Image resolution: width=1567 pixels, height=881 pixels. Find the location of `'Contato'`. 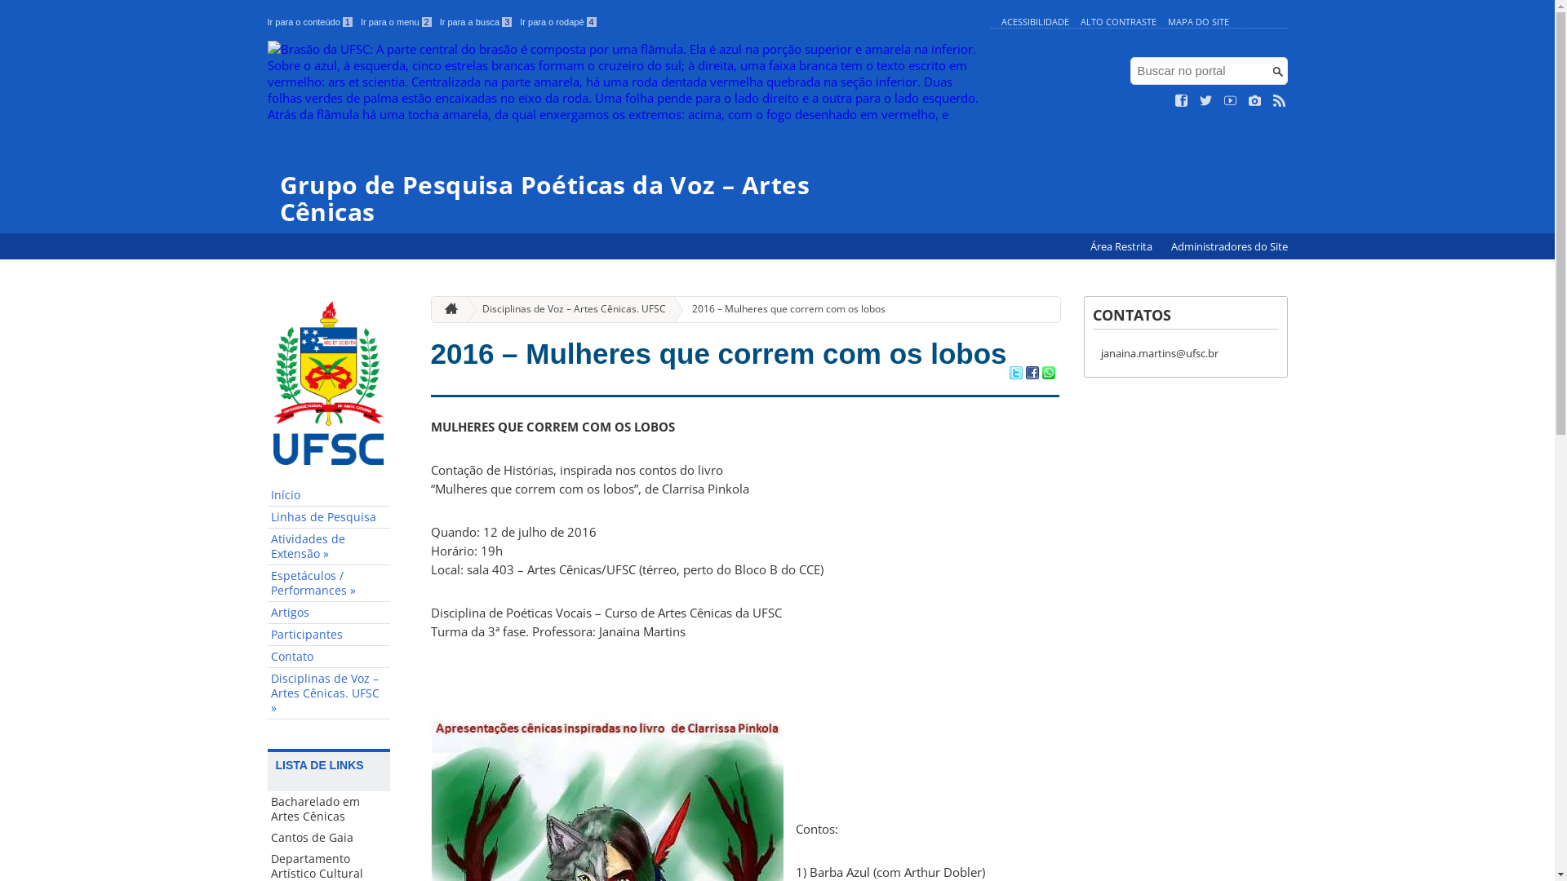

'Contato' is located at coordinates (328, 656).